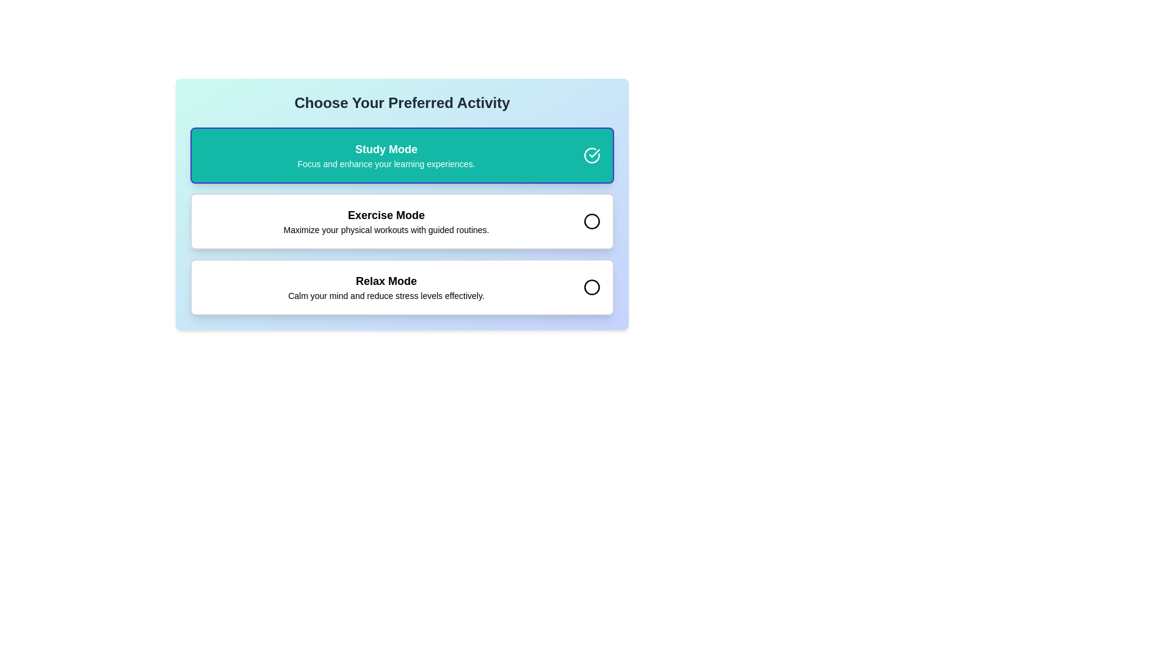 This screenshot has height=659, width=1172. What do you see at coordinates (402, 221) in the screenshot?
I see `the selectable card for 'Exercise Mode'` at bounding box center [402, 221].